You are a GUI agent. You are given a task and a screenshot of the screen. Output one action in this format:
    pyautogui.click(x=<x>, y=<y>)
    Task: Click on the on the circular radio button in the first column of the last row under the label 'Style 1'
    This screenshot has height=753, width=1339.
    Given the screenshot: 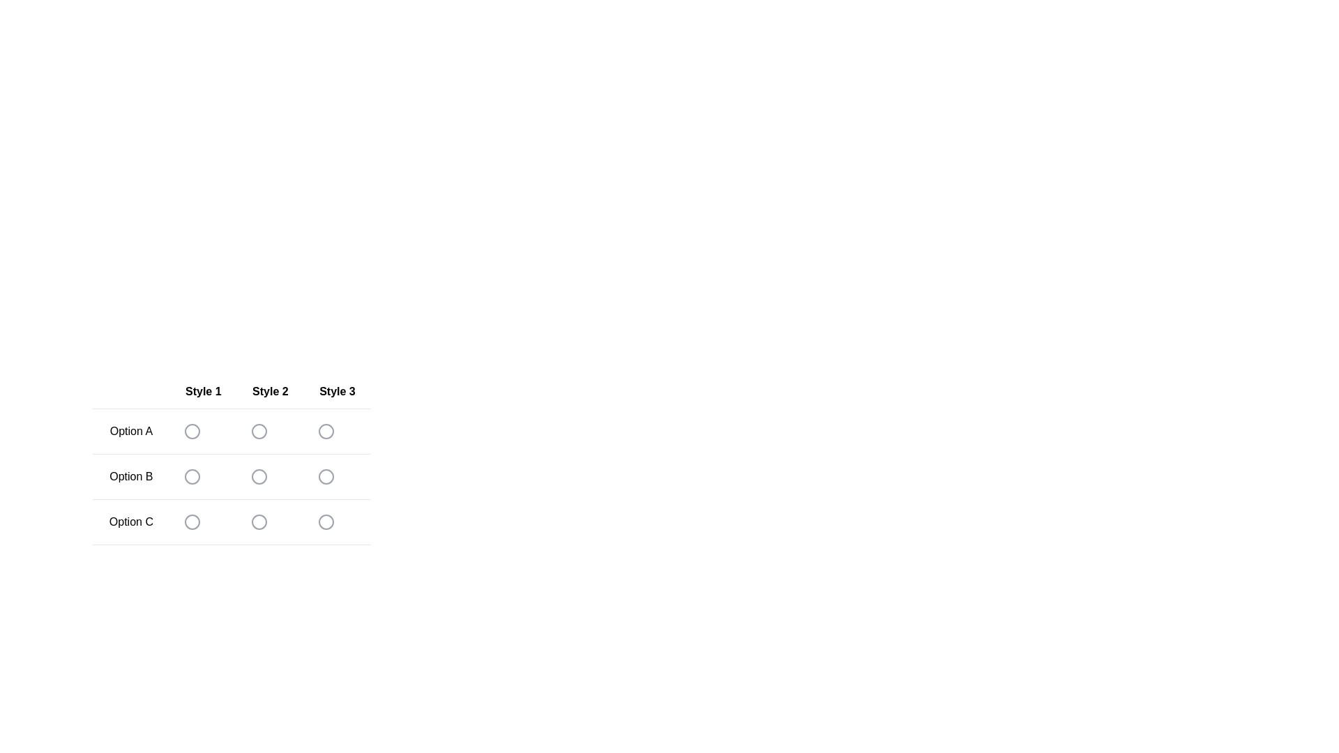 What is the action you would take?
    pyautogui.click(x=191, y=522)
    